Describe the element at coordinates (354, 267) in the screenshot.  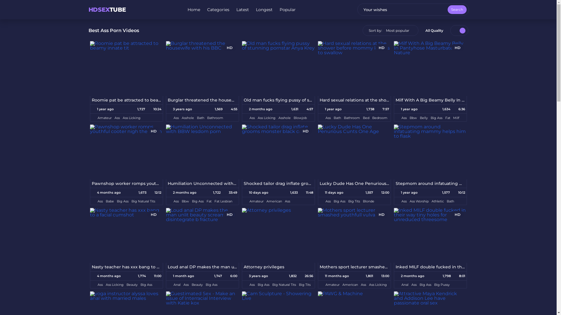
I see `'Mothers sport lecturer smashed youthfull vulva'` at that location.